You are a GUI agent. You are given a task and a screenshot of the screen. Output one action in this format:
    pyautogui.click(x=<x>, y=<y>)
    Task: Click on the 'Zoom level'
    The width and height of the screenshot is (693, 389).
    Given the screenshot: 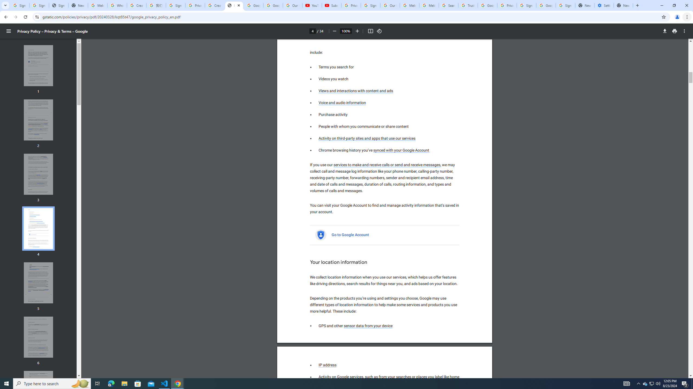 What is the action you would take?
    pyautogui.click(x=345, y=31)
    